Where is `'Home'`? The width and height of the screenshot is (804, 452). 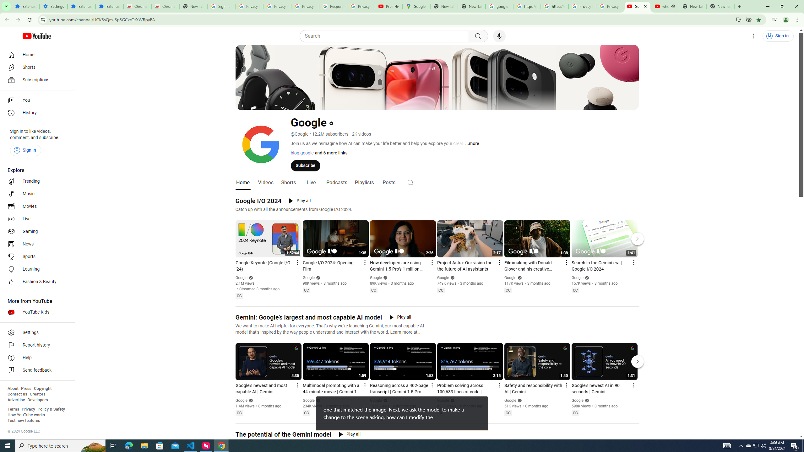
'Home' is located at coordinates (35, 54).